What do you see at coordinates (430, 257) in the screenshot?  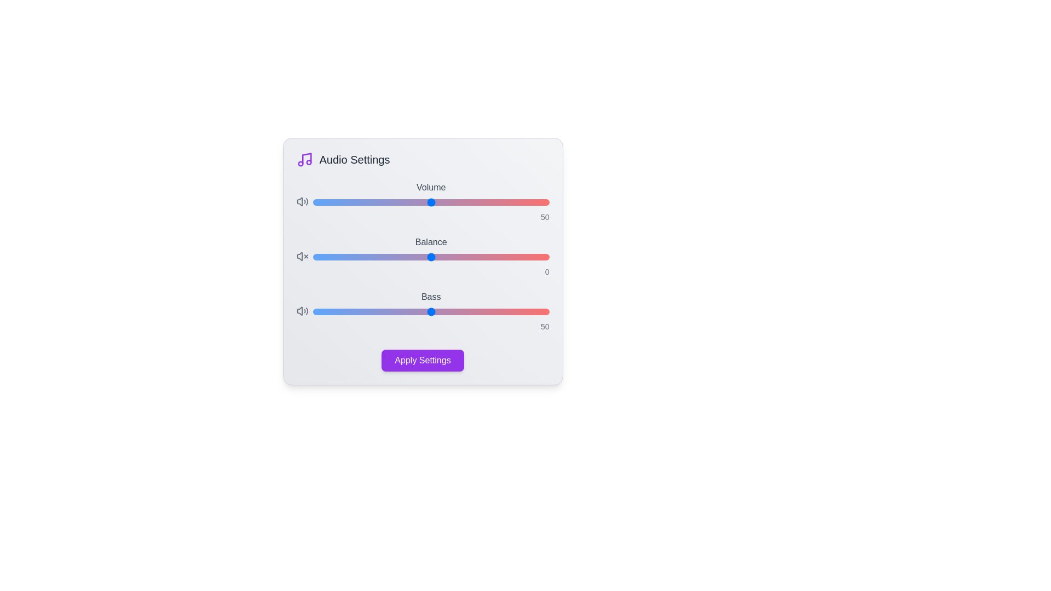 I see `the 'Balance' slider to the specified value 0` at bounding box center [430, 257].